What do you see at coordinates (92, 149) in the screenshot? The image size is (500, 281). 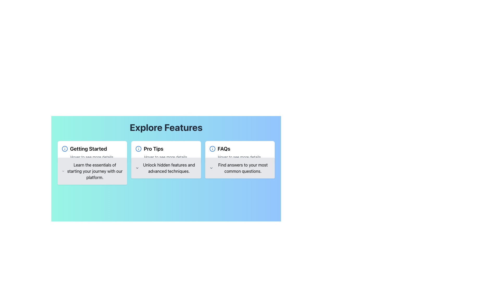 I see `the 'Getting Started' title label within its card structure` at bounding box center [92, 149].